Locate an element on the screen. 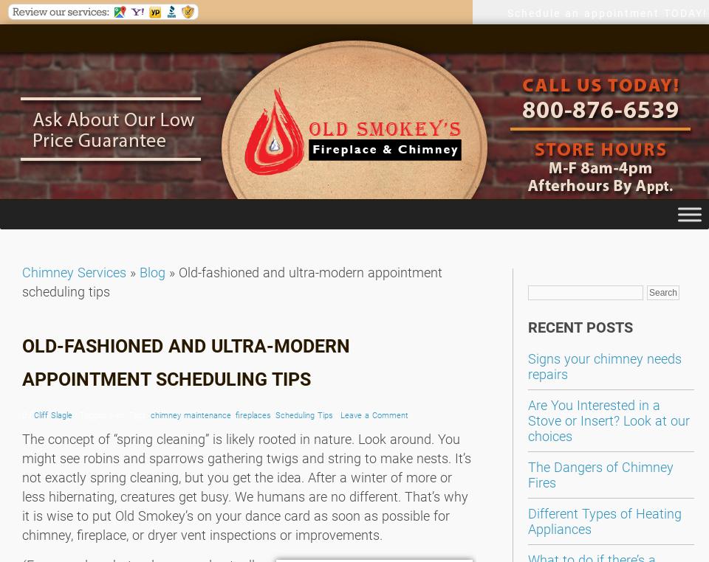  'Chimney Services' is located at coordinates (74, 272).